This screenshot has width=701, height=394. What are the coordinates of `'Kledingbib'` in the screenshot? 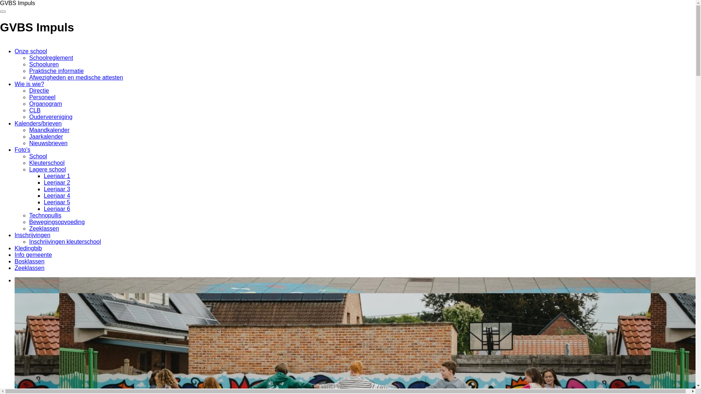 It's located at (28, 248).